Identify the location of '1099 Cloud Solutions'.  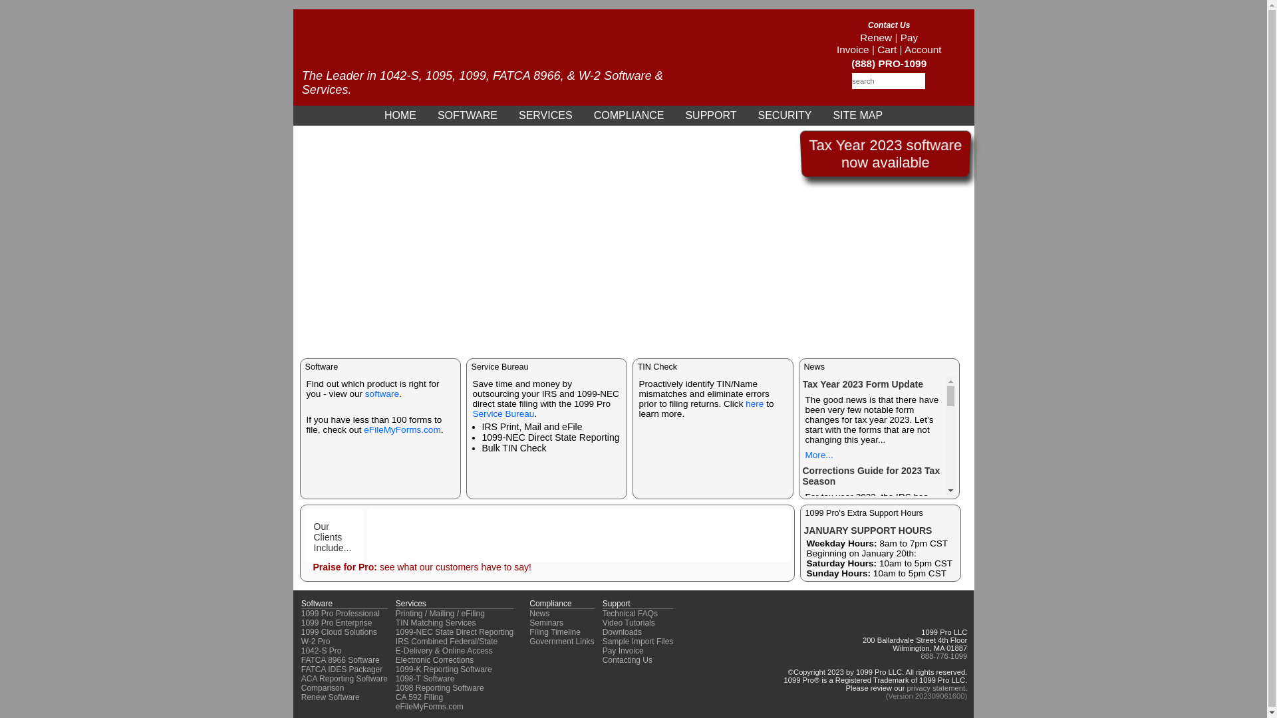
(300, 632).